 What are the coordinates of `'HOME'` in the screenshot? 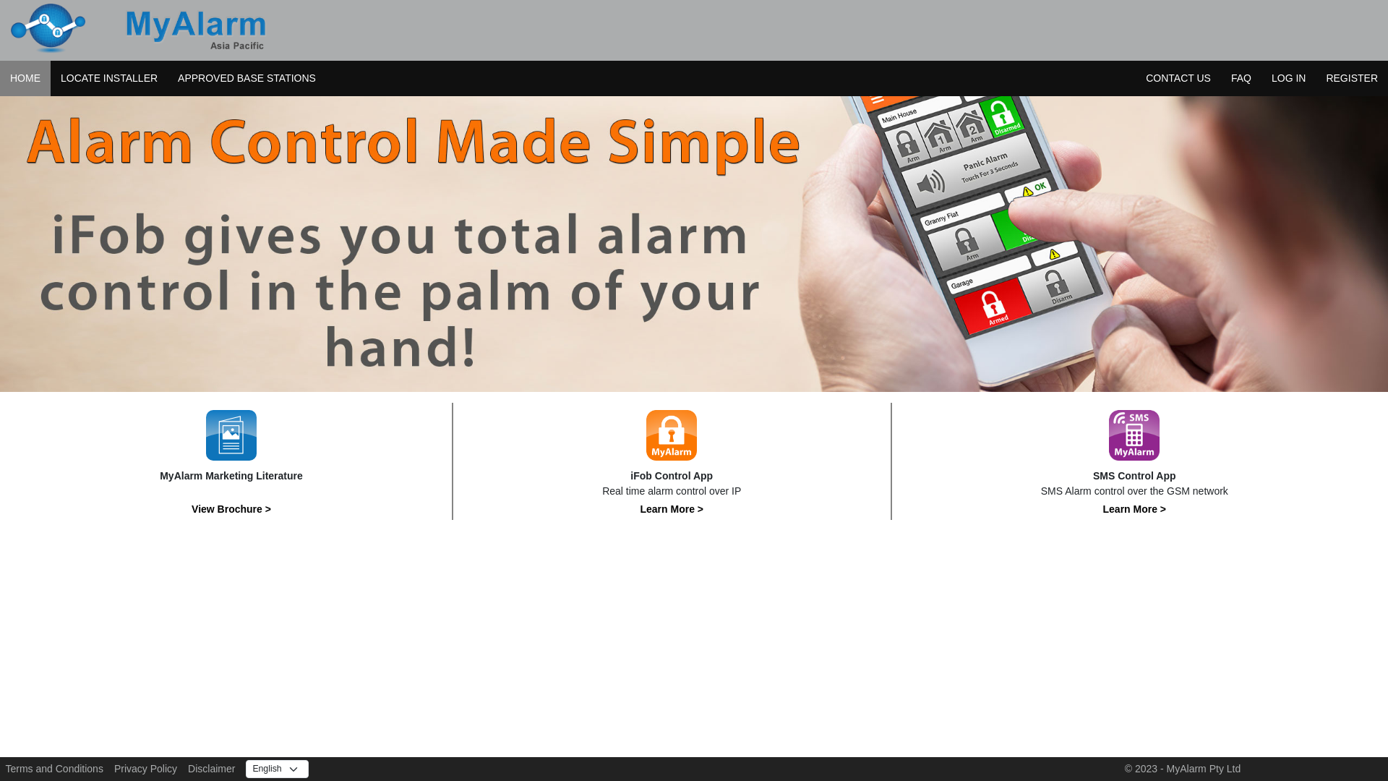 It's located at (25, 78).